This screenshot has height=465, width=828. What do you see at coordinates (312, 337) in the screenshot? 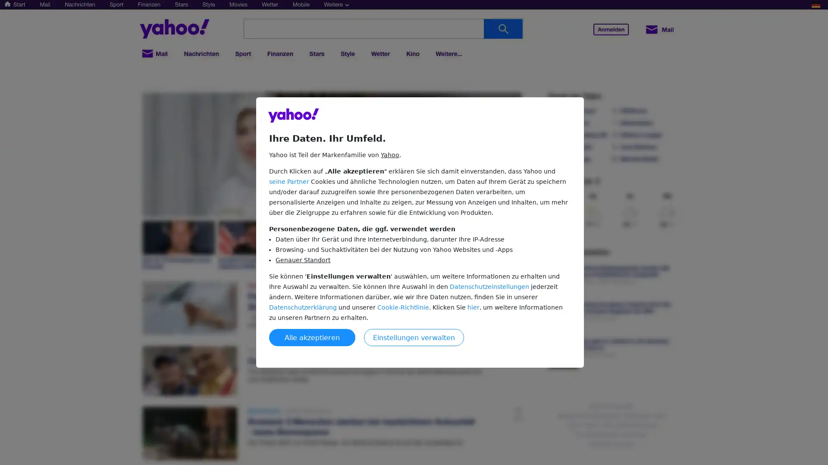
I see `Alle akzeptieren` at bounding box center [312, 337].